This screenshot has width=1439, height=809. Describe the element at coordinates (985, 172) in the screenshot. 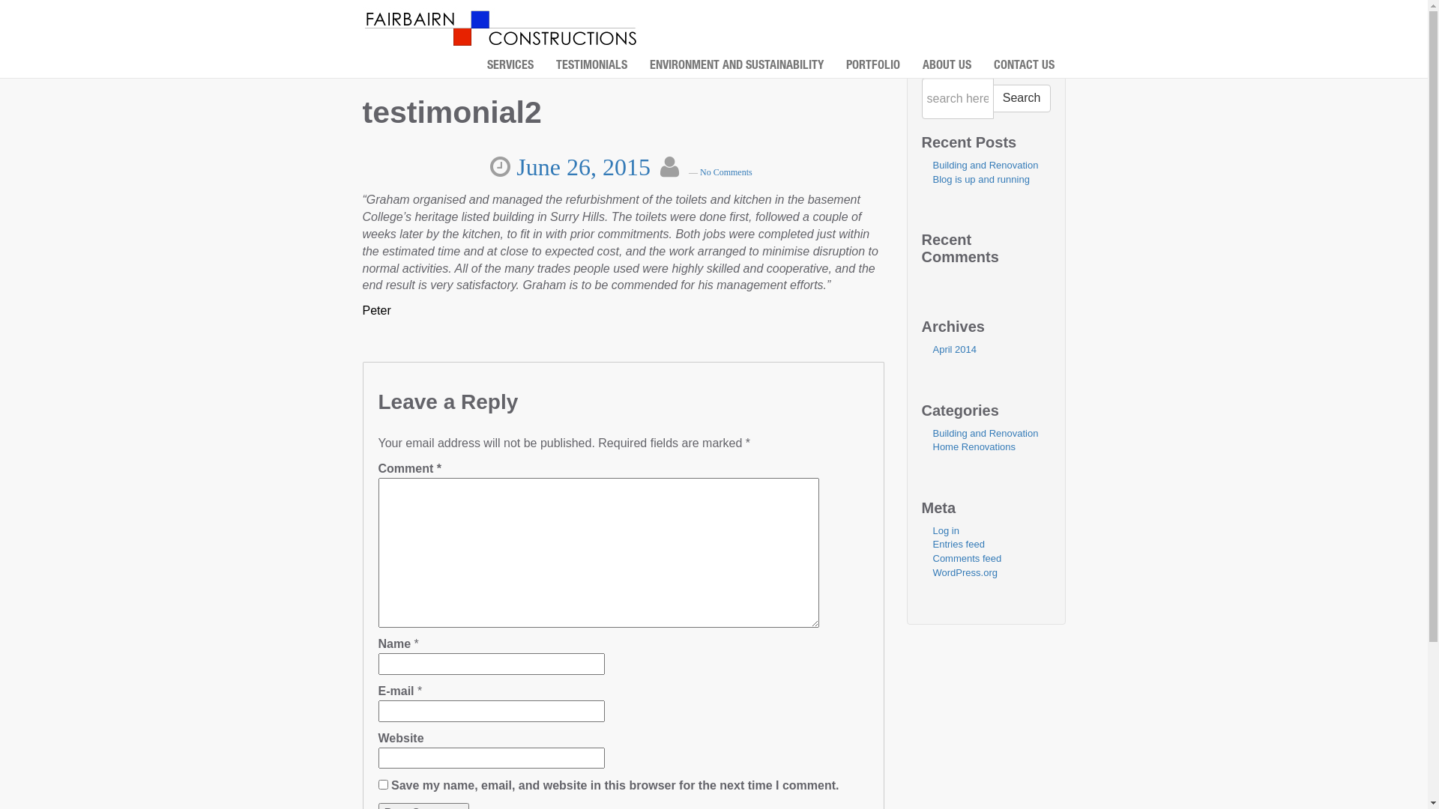

I see `'Building and Renovation Blog is up and running'` at that location.